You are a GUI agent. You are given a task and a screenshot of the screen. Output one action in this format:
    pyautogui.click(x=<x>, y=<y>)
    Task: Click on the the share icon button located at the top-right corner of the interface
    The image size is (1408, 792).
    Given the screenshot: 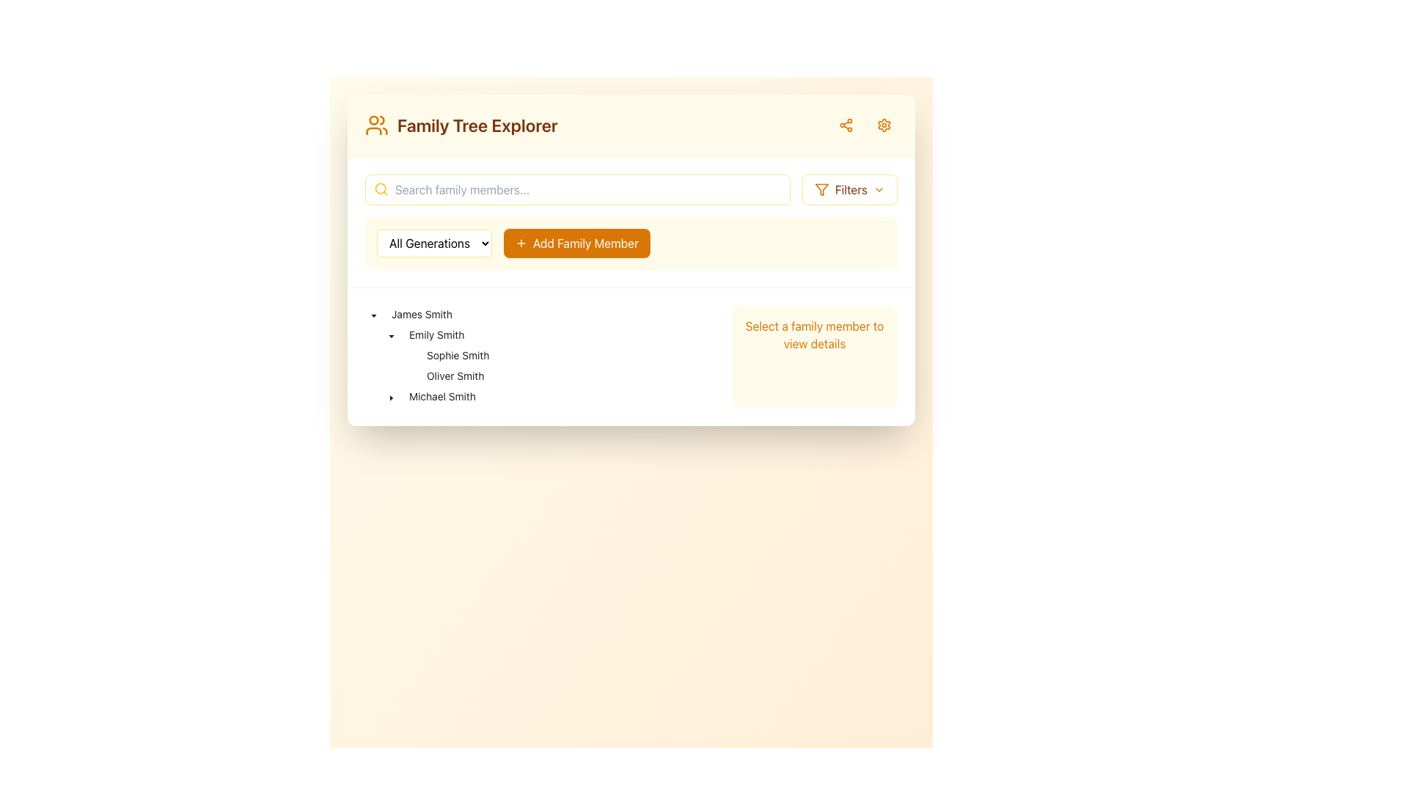 What is the action you would take?
    pyautogui.click(x=846, y=124)
    